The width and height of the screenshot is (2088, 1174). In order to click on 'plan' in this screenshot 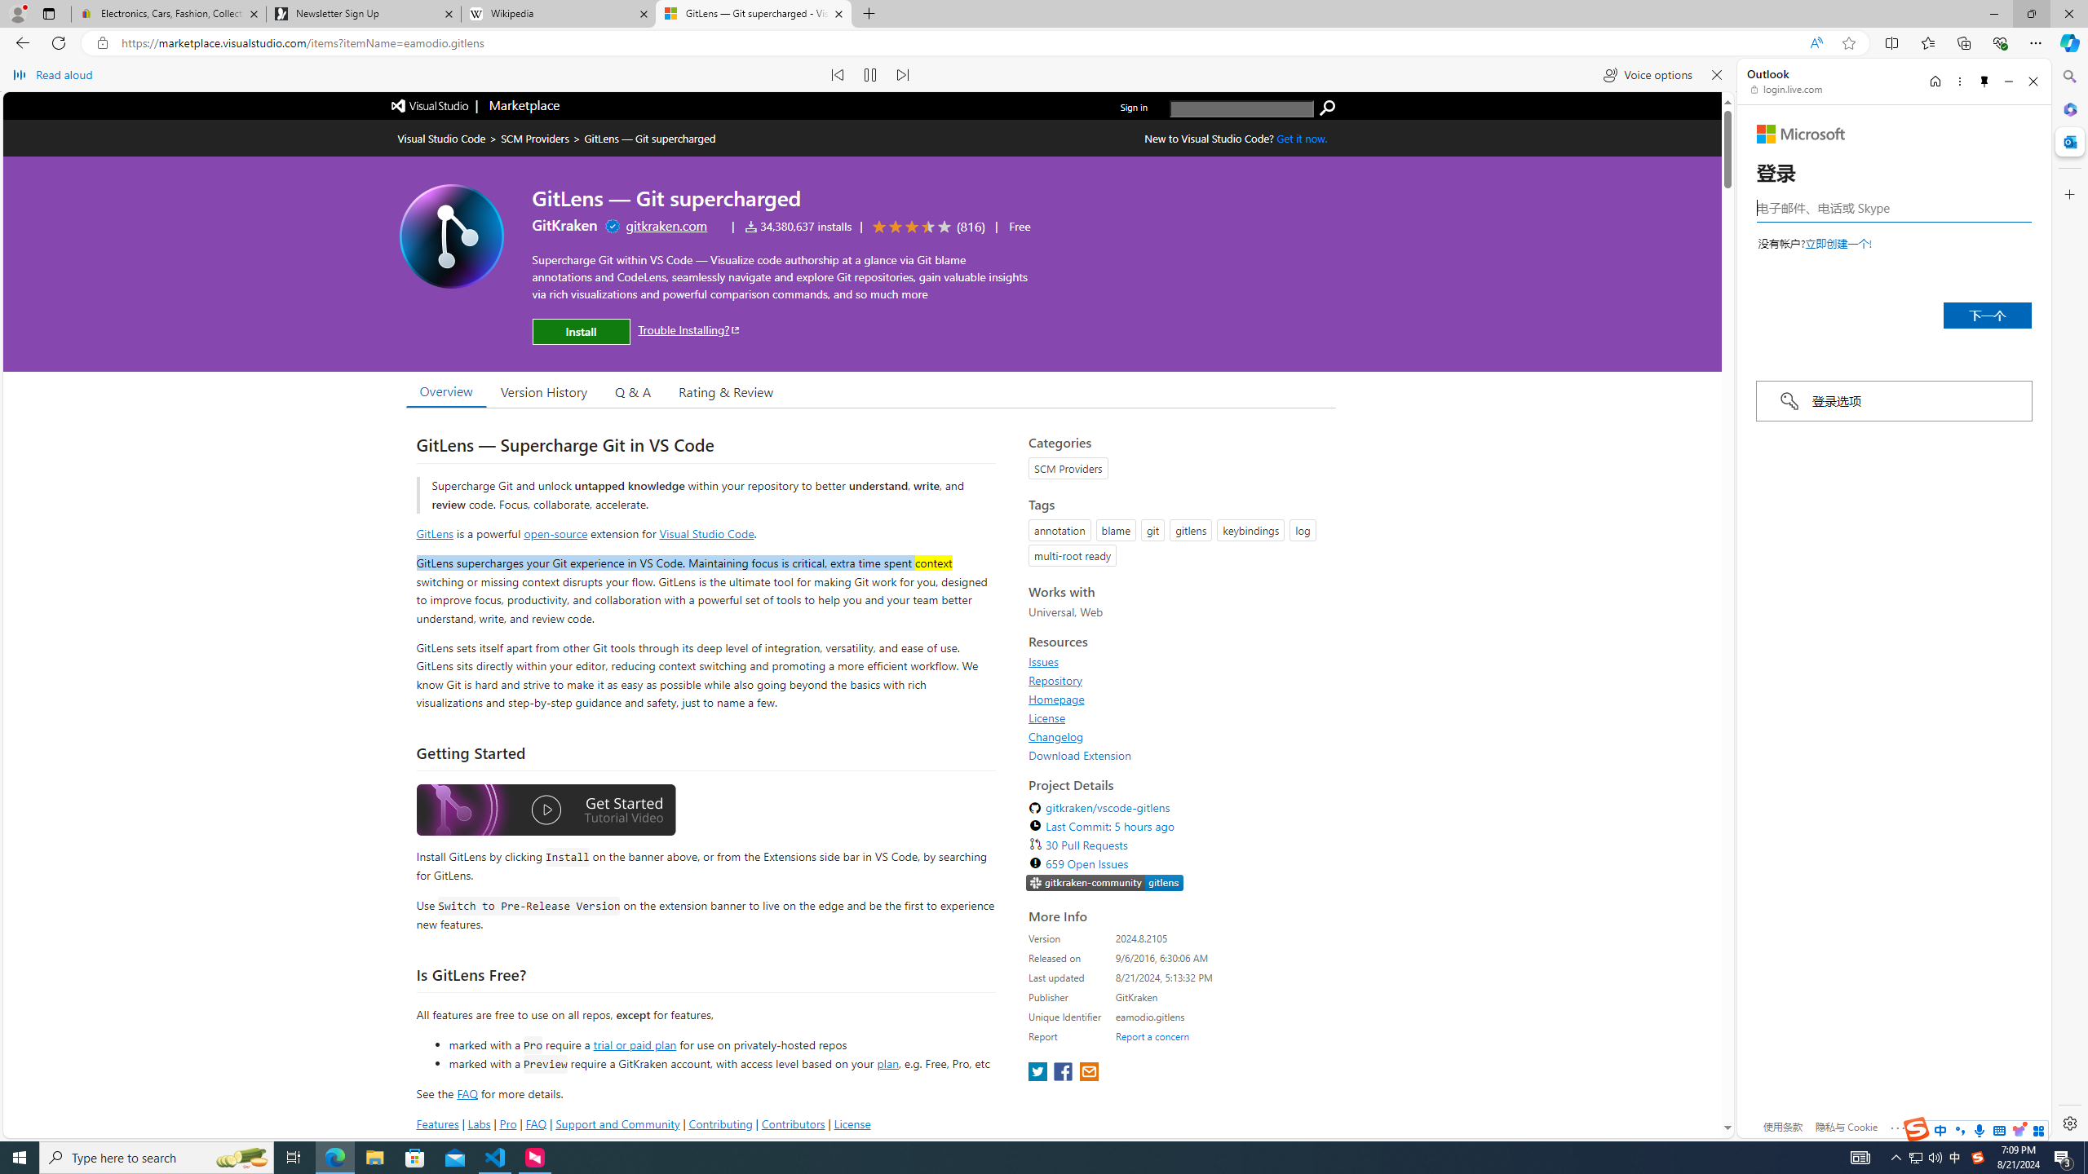, I will do `click(887, 1062)`.